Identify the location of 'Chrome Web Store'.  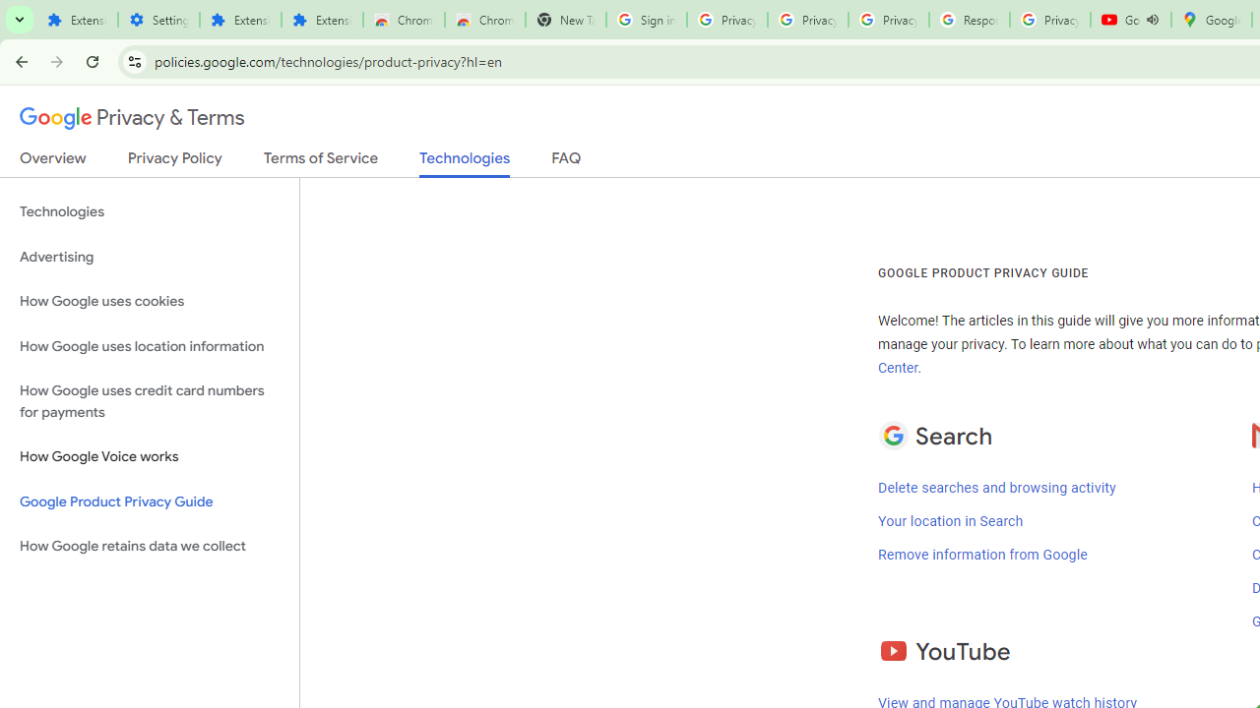
(403, 20).